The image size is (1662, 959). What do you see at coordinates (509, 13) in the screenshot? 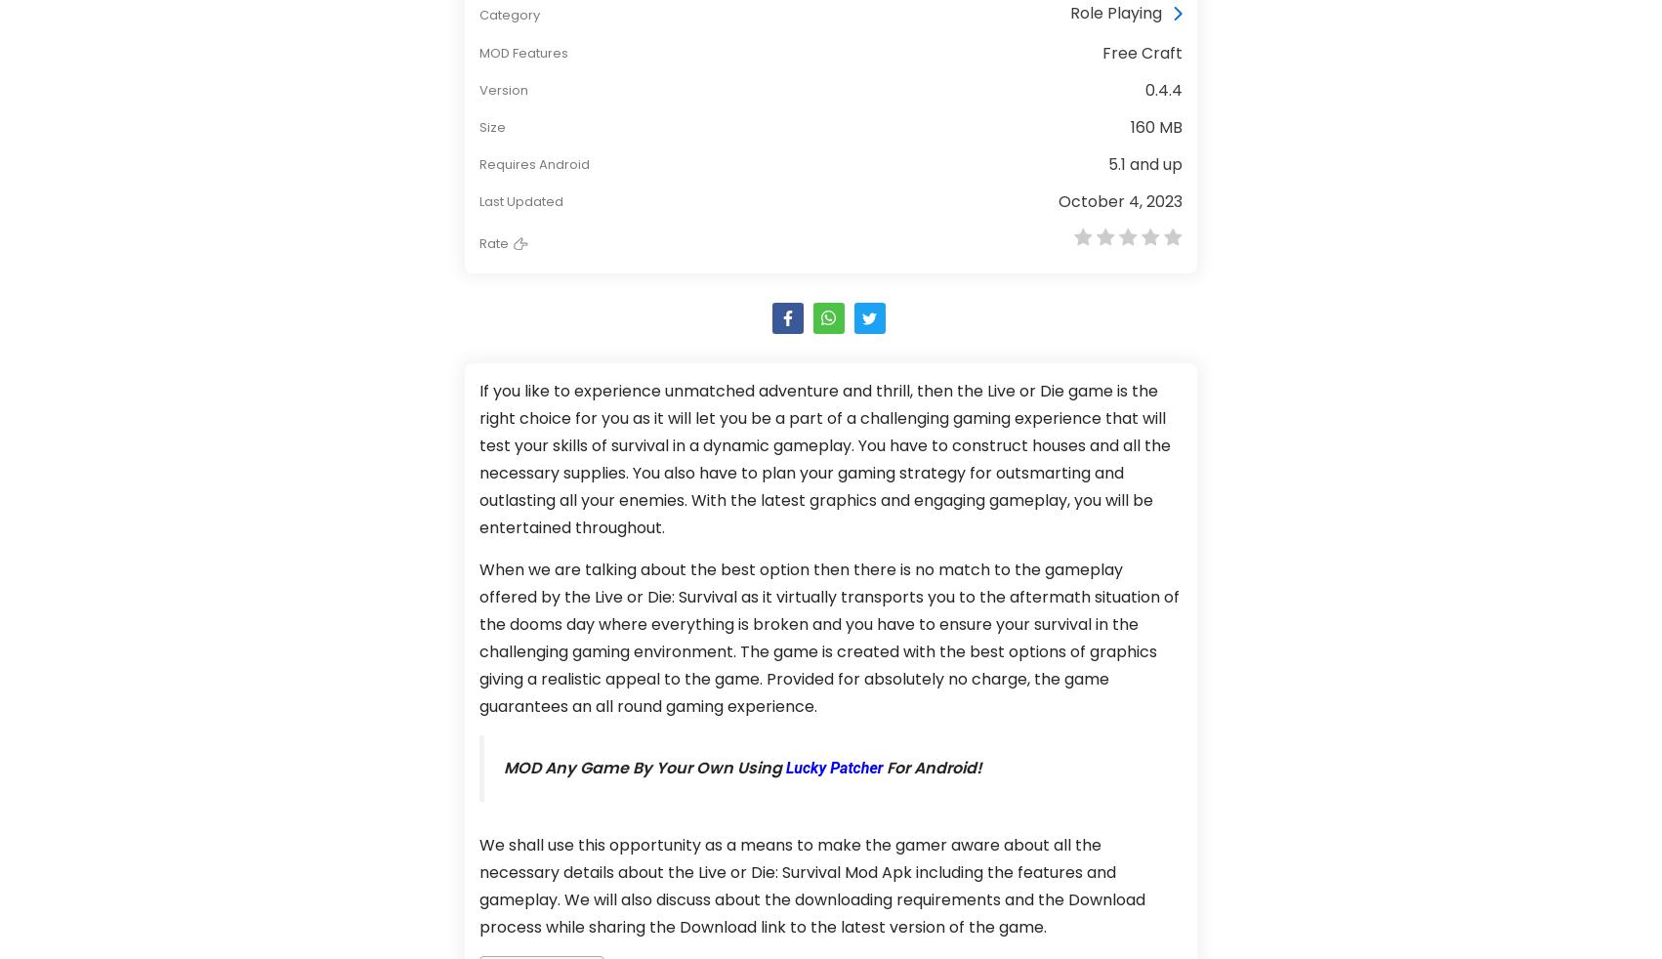
I see `'Category'` at bounding box center [509, 13].